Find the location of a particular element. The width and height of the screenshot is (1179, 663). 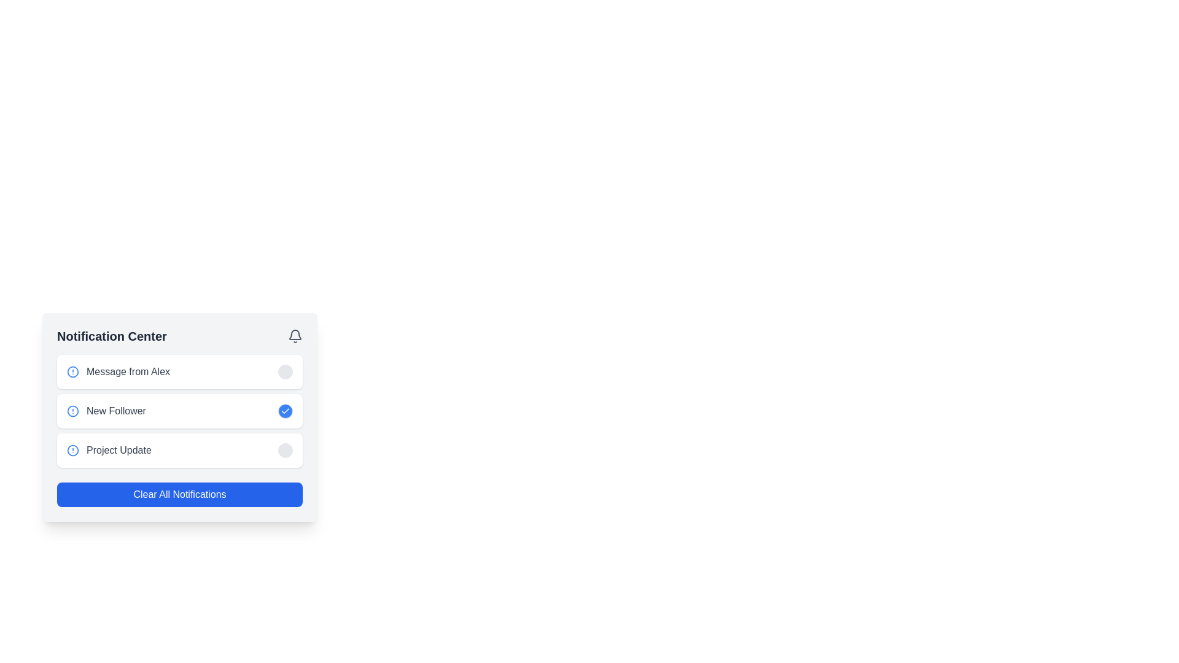

the blue circular icon with an exclamation mark next to the 'New Follower' notification is located at coordinates (106, 411).